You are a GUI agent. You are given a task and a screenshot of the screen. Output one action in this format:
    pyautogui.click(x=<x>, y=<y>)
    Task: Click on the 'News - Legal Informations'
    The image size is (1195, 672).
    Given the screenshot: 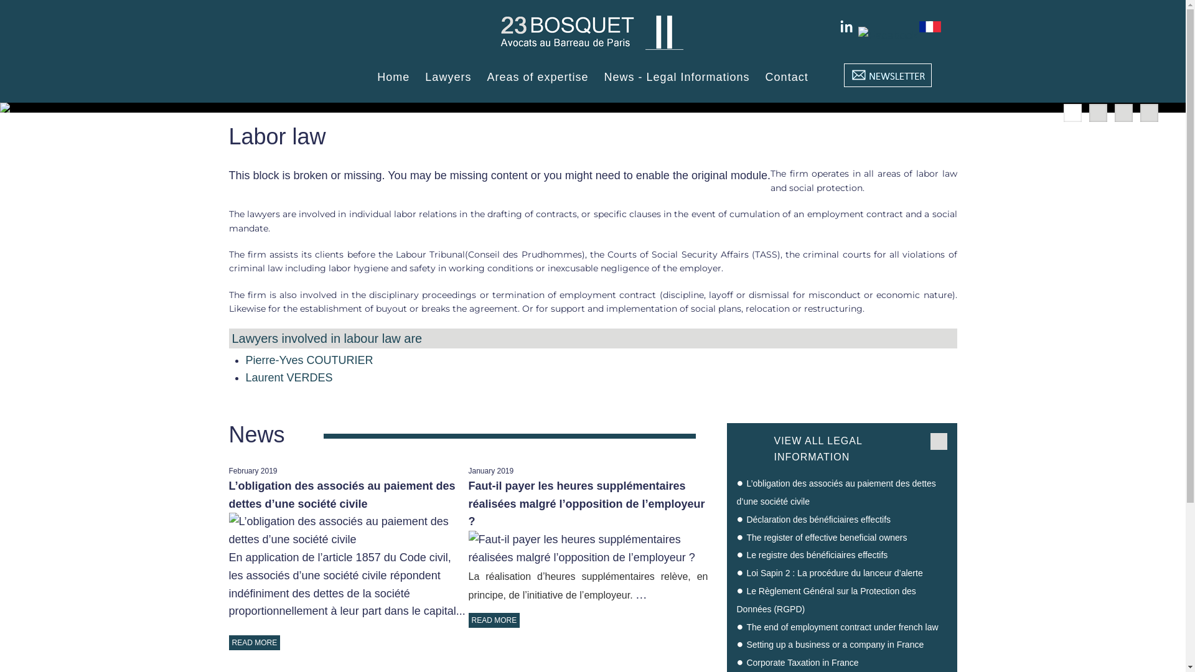 What is the action you would take?
    pyautogui.click(x=597, y=77)
    